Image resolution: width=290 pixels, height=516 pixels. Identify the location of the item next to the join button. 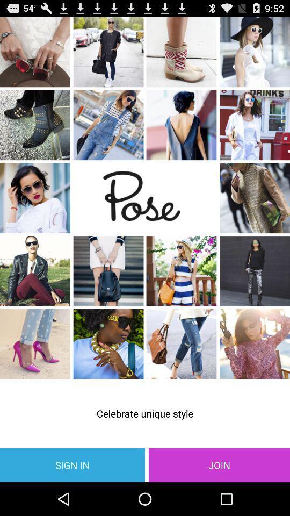
(73, 464).